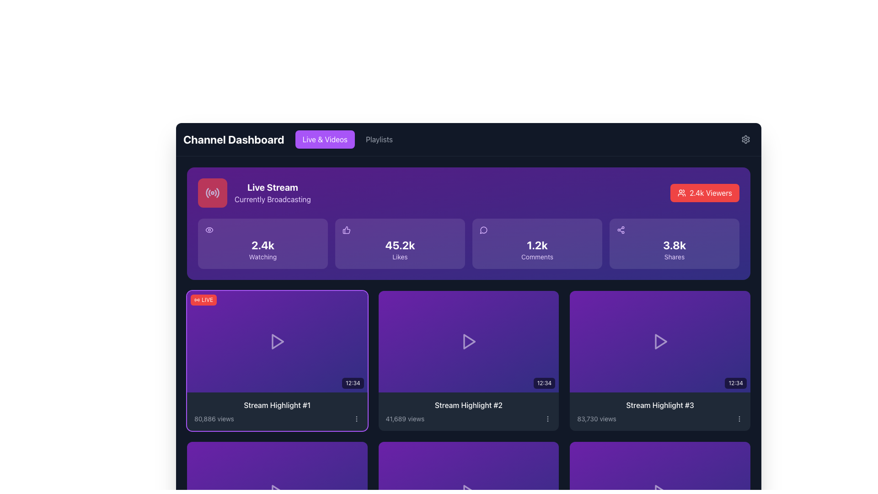 Image resolution: width=878 pixels, height=494 pixels. Describe the element at coordinates (346, 229) in the screenshot. I see `the likes icon located to the left of the text '45.2k Likes' on the dashboard interface, which serves as a symbolic indicator of likes` at that location.